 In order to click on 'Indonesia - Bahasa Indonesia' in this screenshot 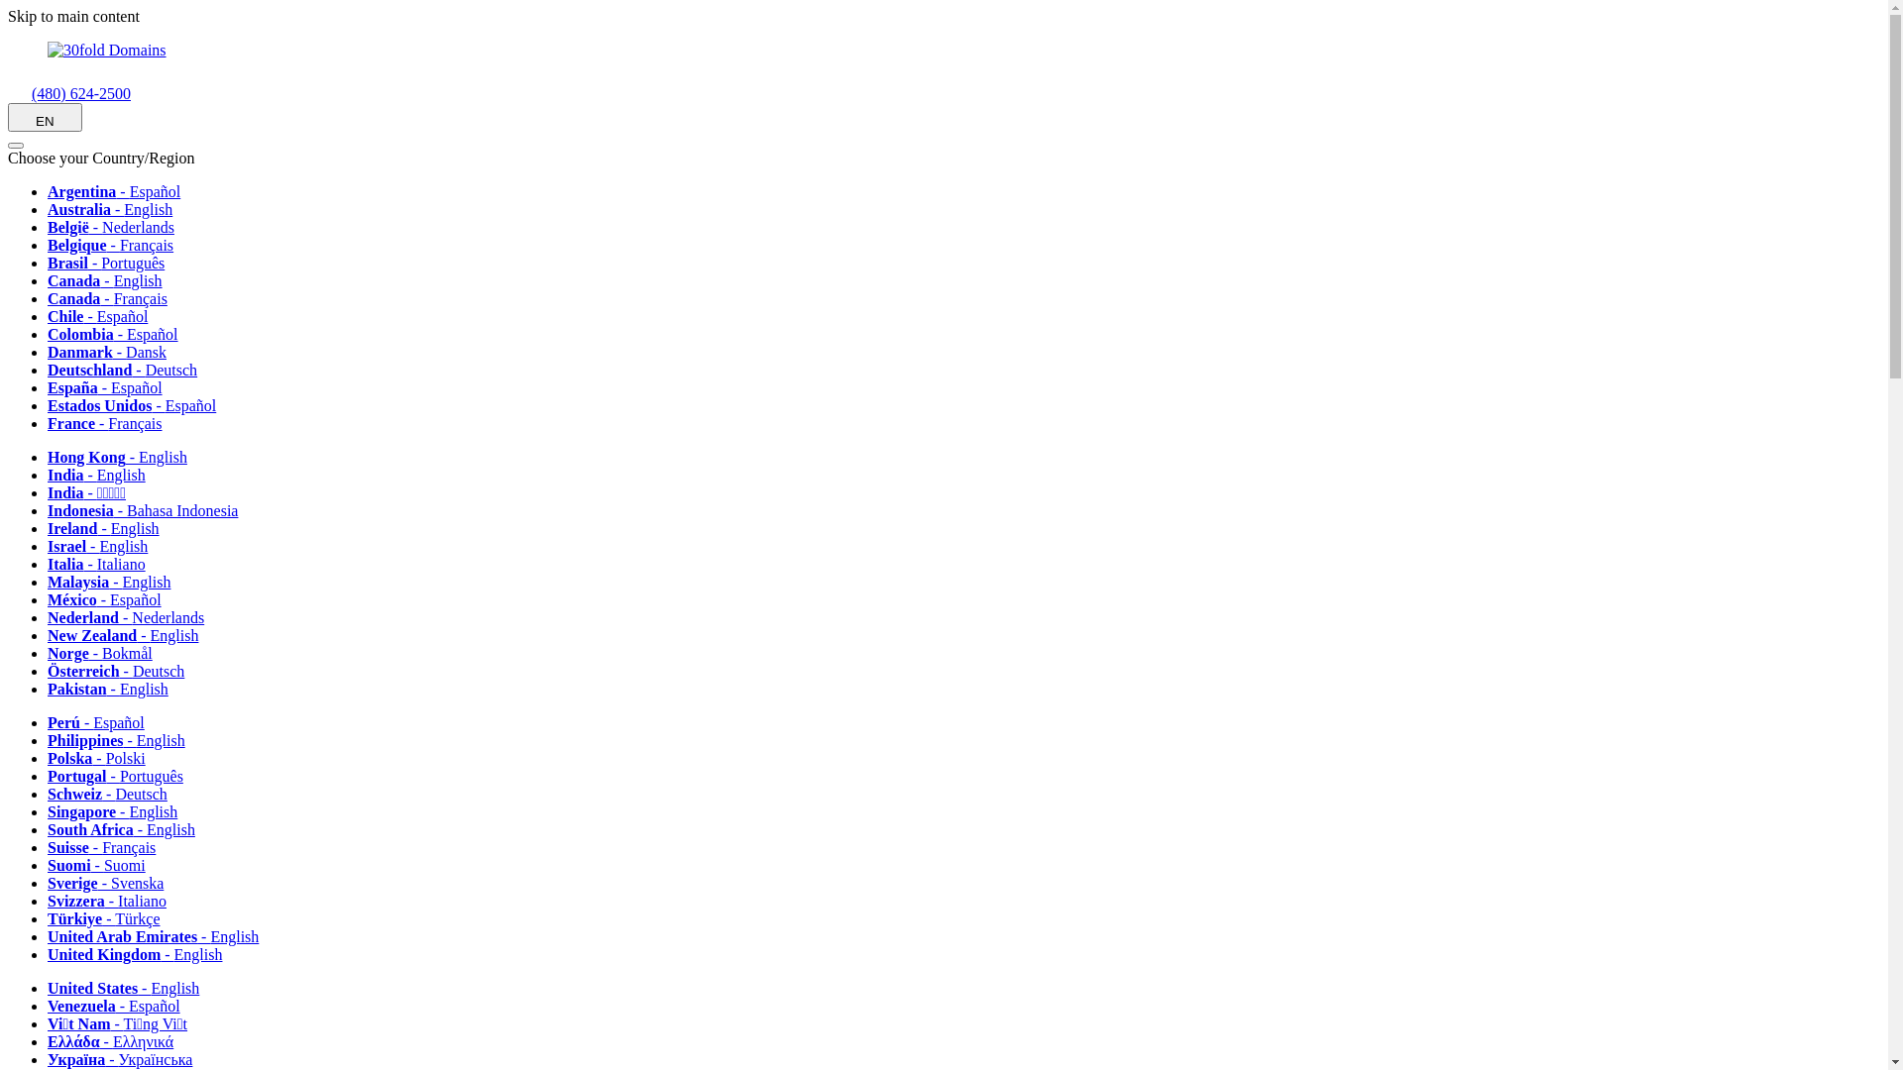, I will do `click(48, 509)`.